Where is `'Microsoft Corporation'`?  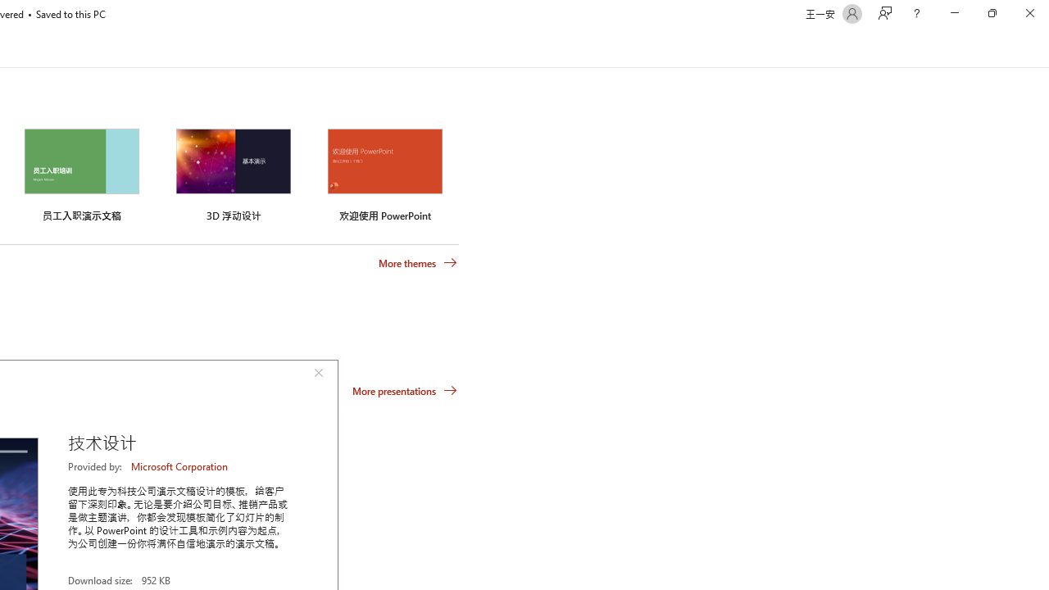
'Microsoft Corporation' is located at coordinates (180, 466).